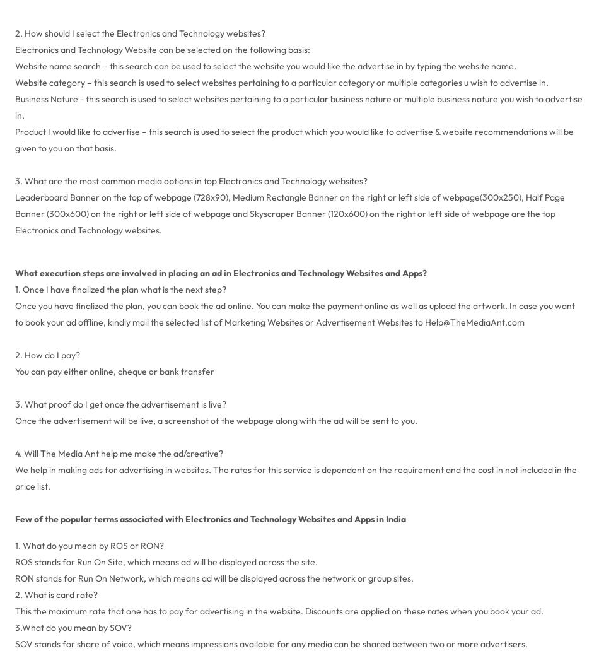 The image size is (599, 663). Describe the element at coordinates (73, 627) in the screenshot. I see `'3.What do you mean by SOV?'` at that location.